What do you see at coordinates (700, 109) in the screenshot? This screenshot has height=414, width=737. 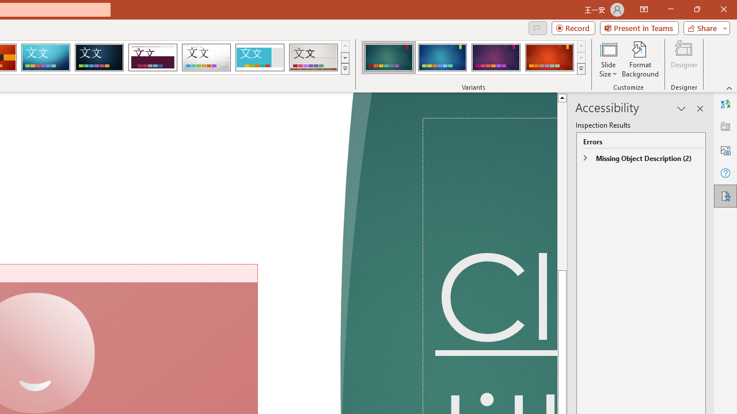 I see `'Close pane'` at bounding box center [700, 109].